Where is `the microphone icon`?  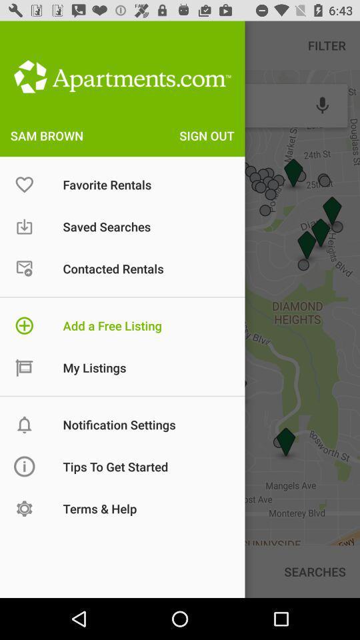 the microphone icon is located at coordinates (321, 105).